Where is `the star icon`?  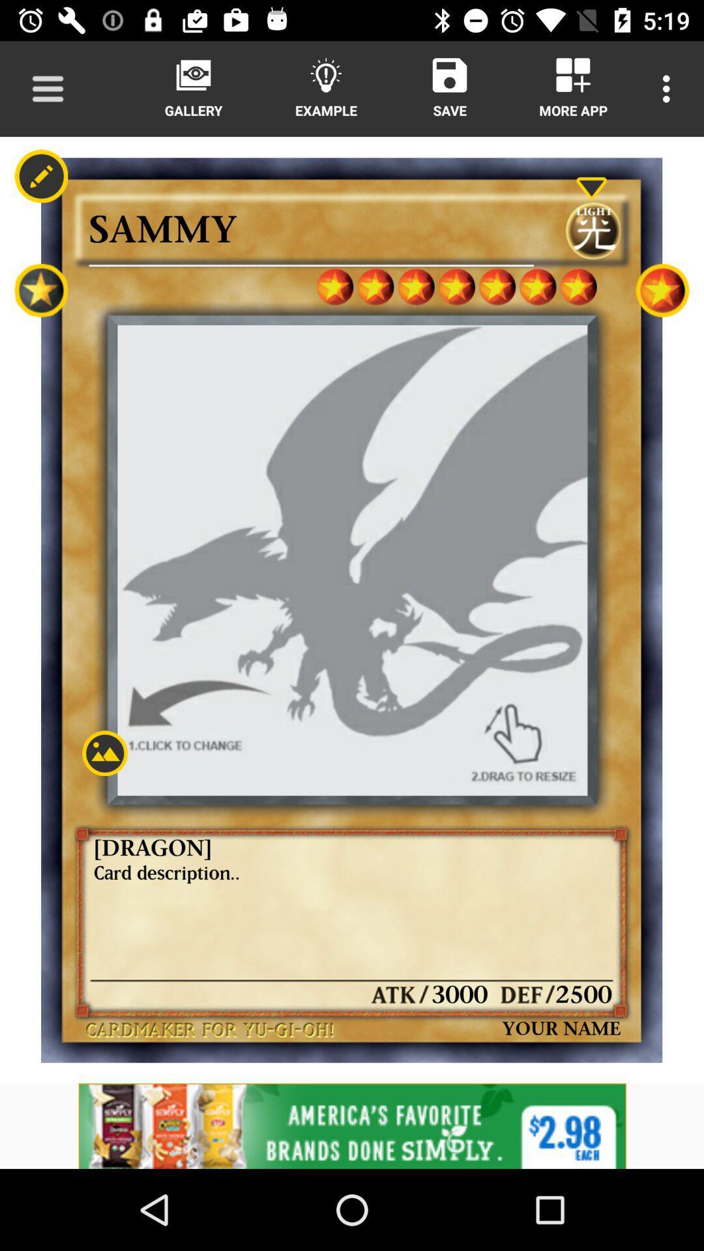
the star icon is located at coordinates (40, 289).